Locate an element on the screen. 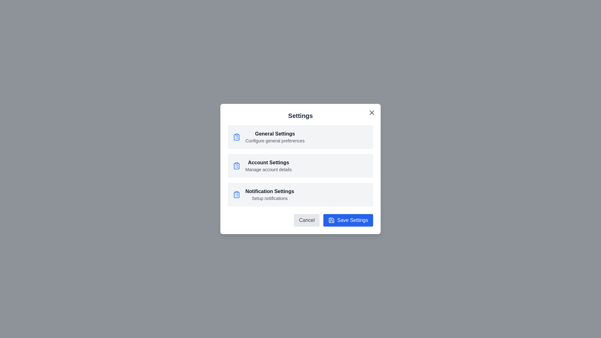 Image resolution: width=601 pixels, height=338 pixels. the 'Notification Settings' text label, which is bold and dark gray, located in the settings modal below 'Account Settings' and above 'Setup notifications' is located at coordinates (270, 191).